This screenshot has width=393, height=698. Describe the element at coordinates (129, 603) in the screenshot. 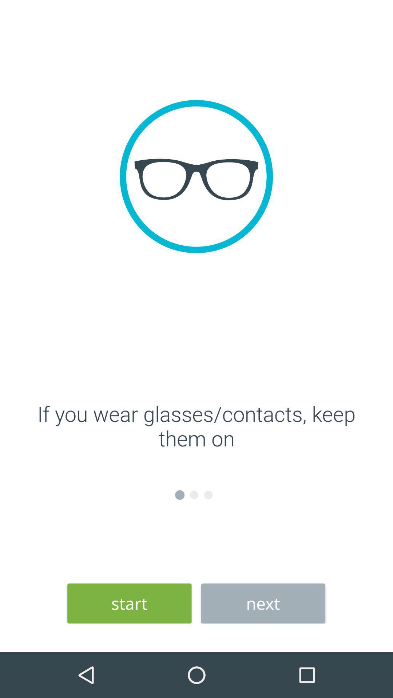

I see `the item next to next item` at that location.